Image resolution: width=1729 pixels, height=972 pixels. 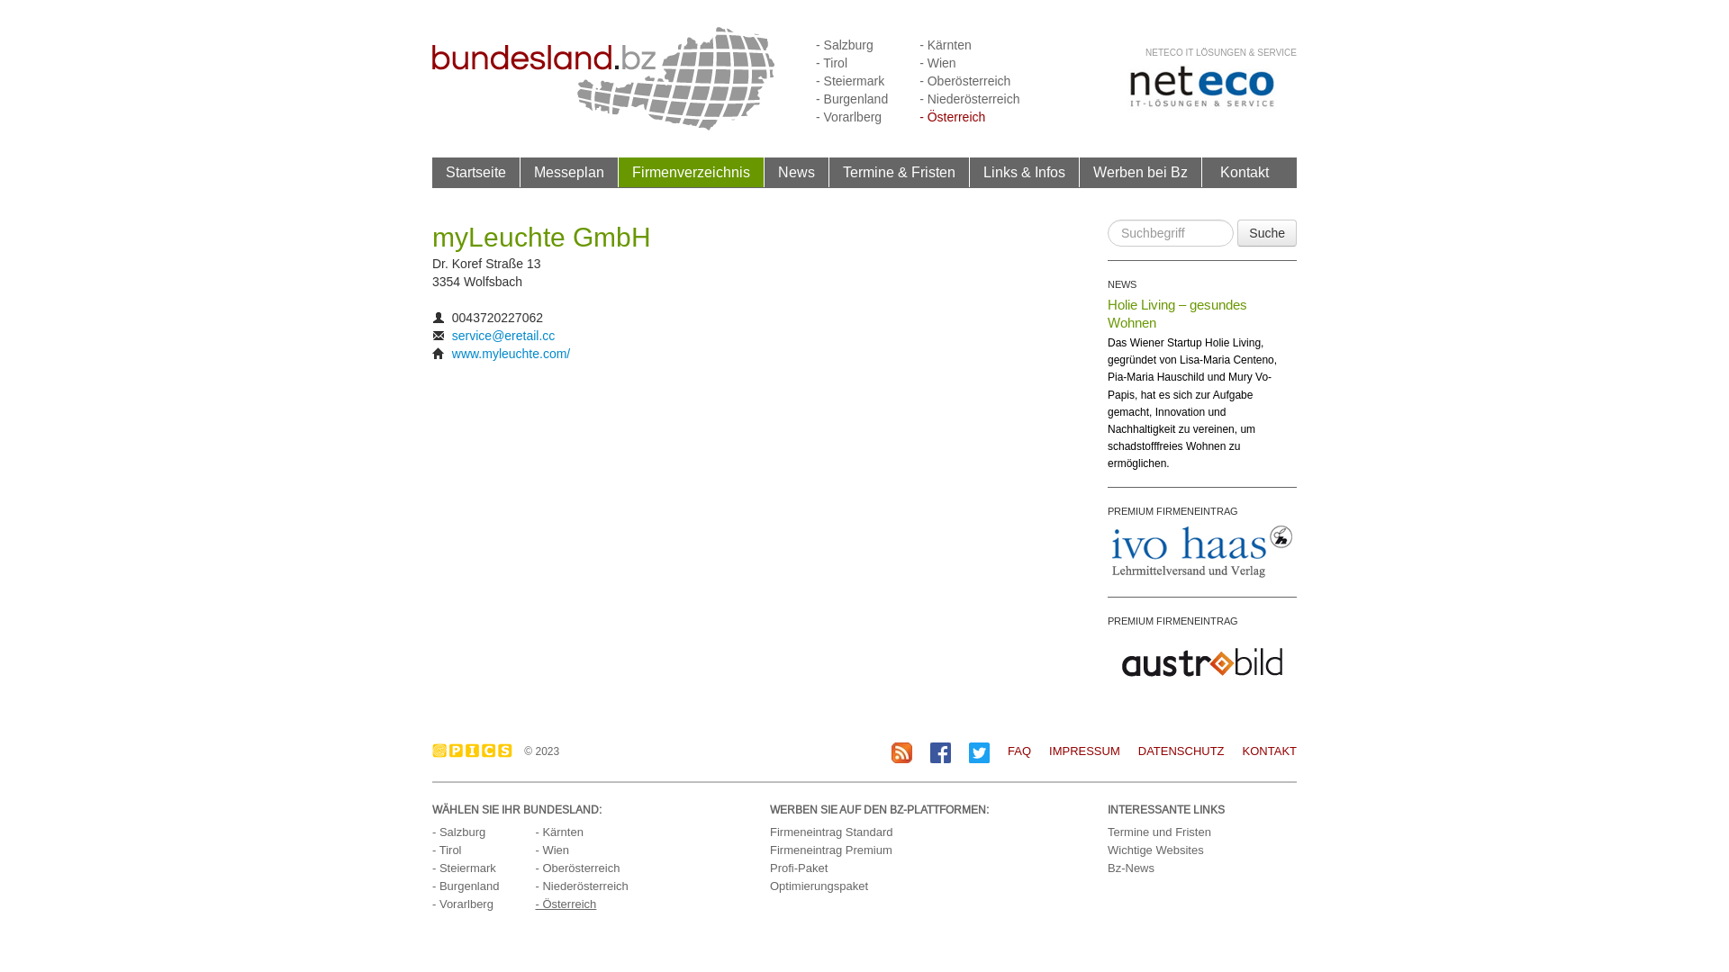 What do you see at coordinates (1140, 172) in the screenshot?
I see `'Werben bei Bz'` at bounding box center [1140, 172].